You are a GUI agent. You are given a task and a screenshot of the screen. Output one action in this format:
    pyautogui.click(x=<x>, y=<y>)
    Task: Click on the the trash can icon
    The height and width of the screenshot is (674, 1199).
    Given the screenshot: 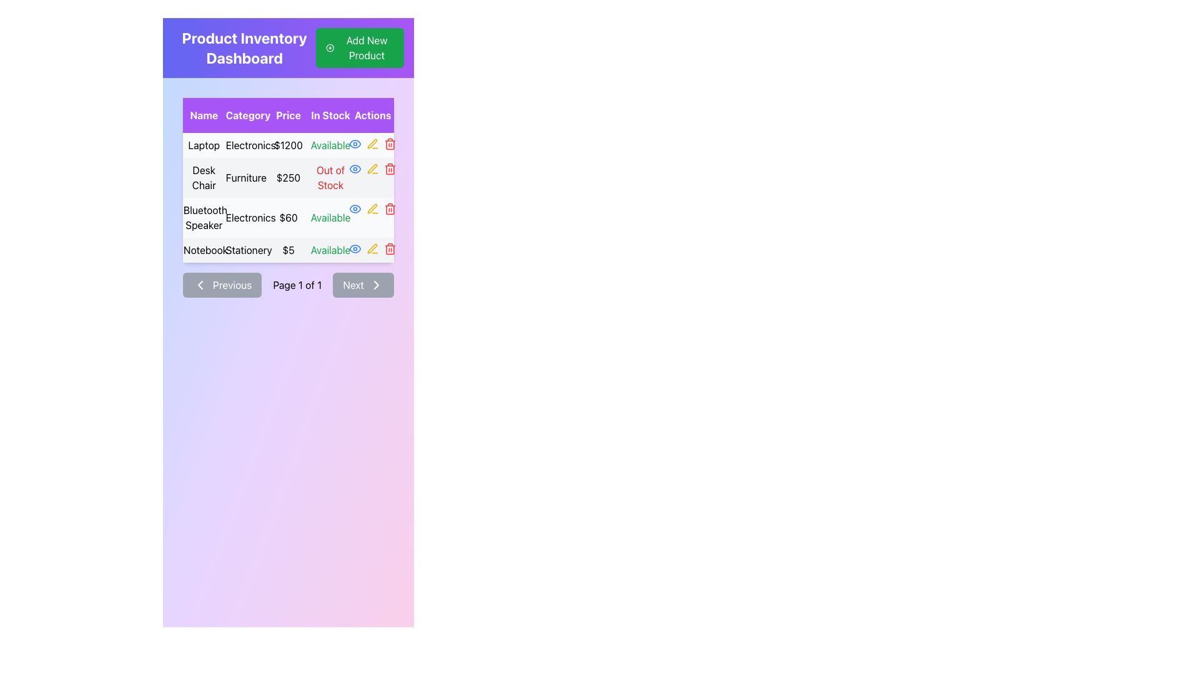 What is the action you would take?
    pyautogui.click(x=390, y=144)
    